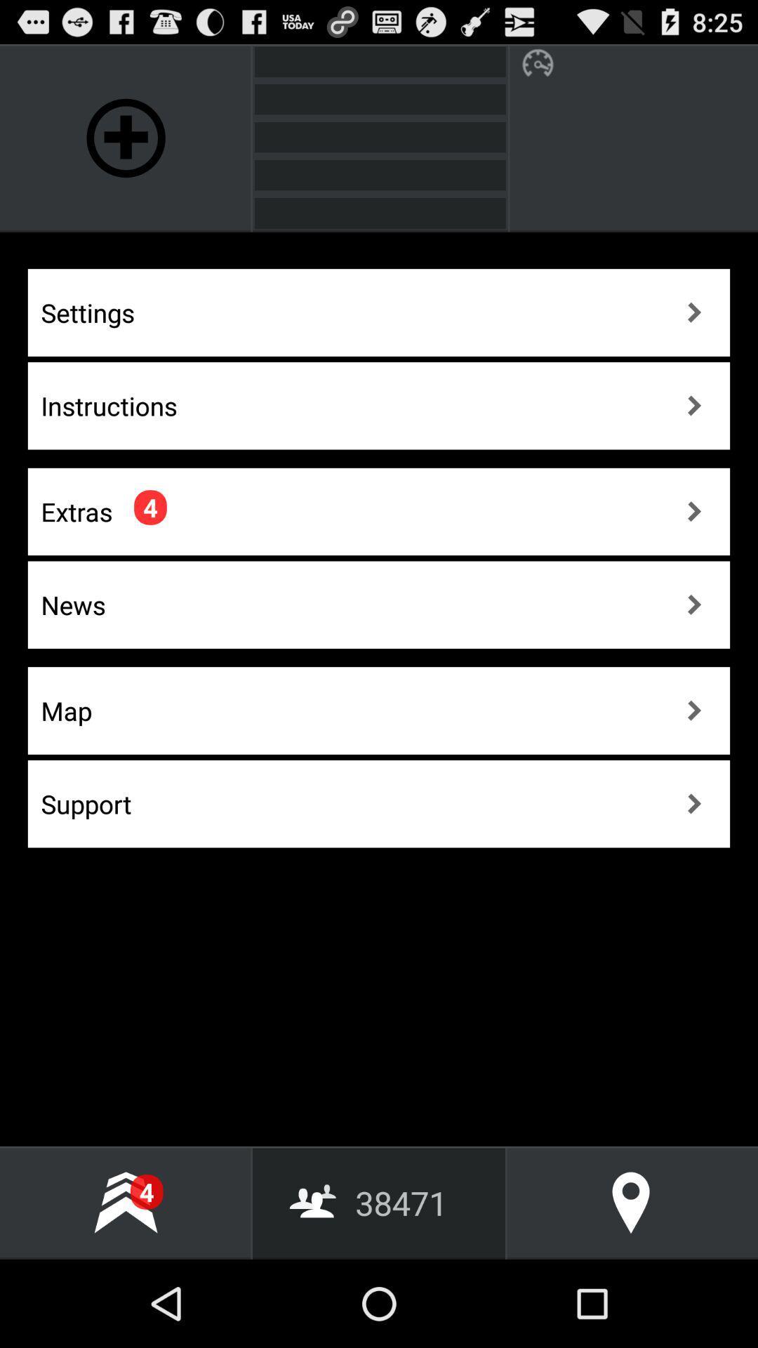 This screenshot has width=758, height=1348. Describe the element at coordinates (630, 1202) in the screenshot. I see `location pin which is at bottom right corner of the page` at that location.